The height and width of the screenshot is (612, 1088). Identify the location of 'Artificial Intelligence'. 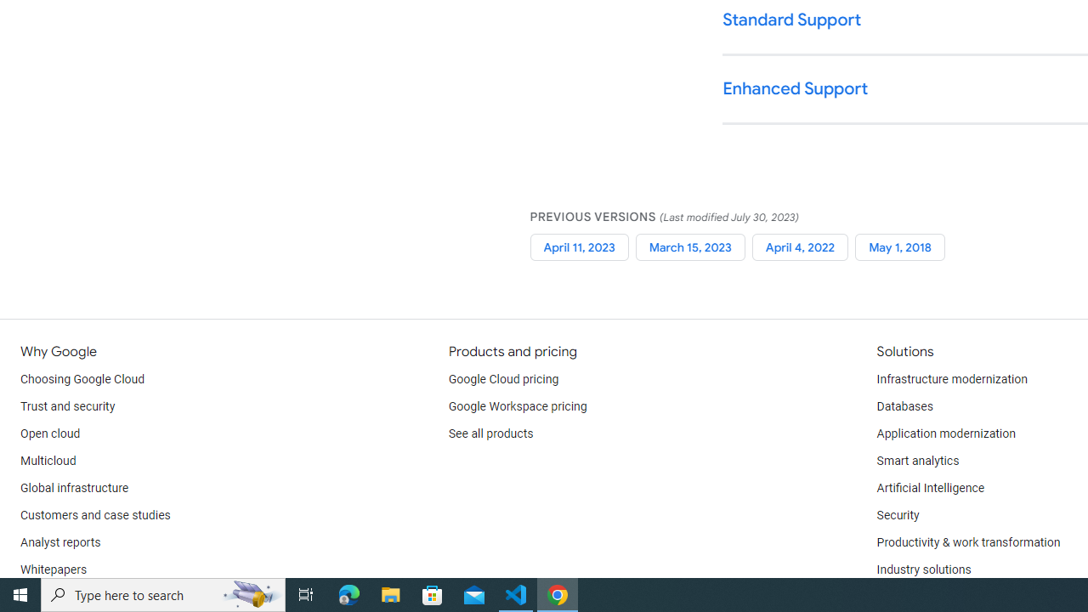
(929, 488).